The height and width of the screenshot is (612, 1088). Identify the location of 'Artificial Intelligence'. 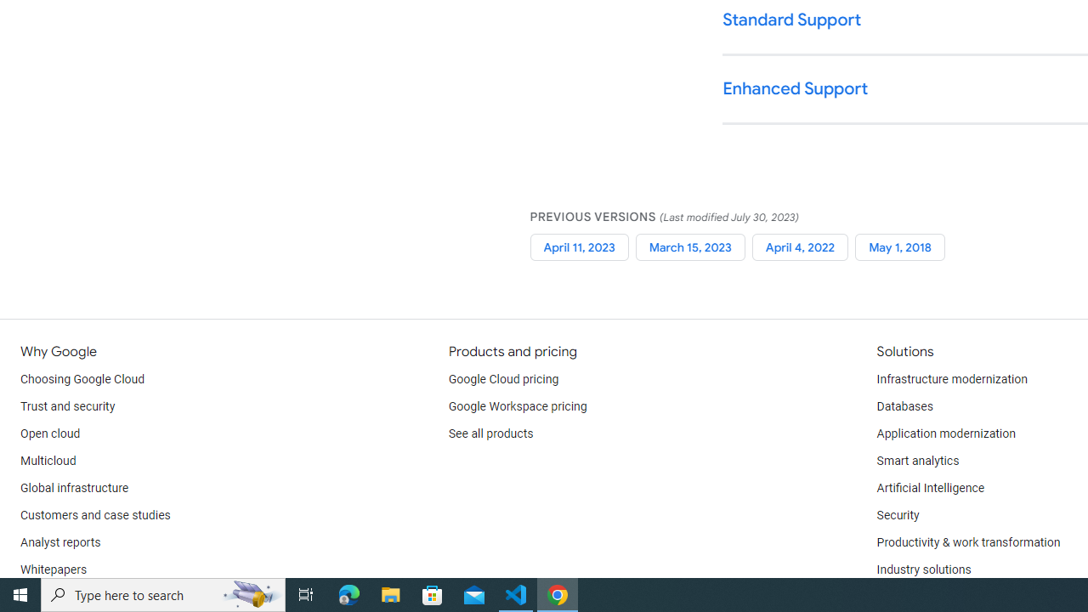
(929, 488).